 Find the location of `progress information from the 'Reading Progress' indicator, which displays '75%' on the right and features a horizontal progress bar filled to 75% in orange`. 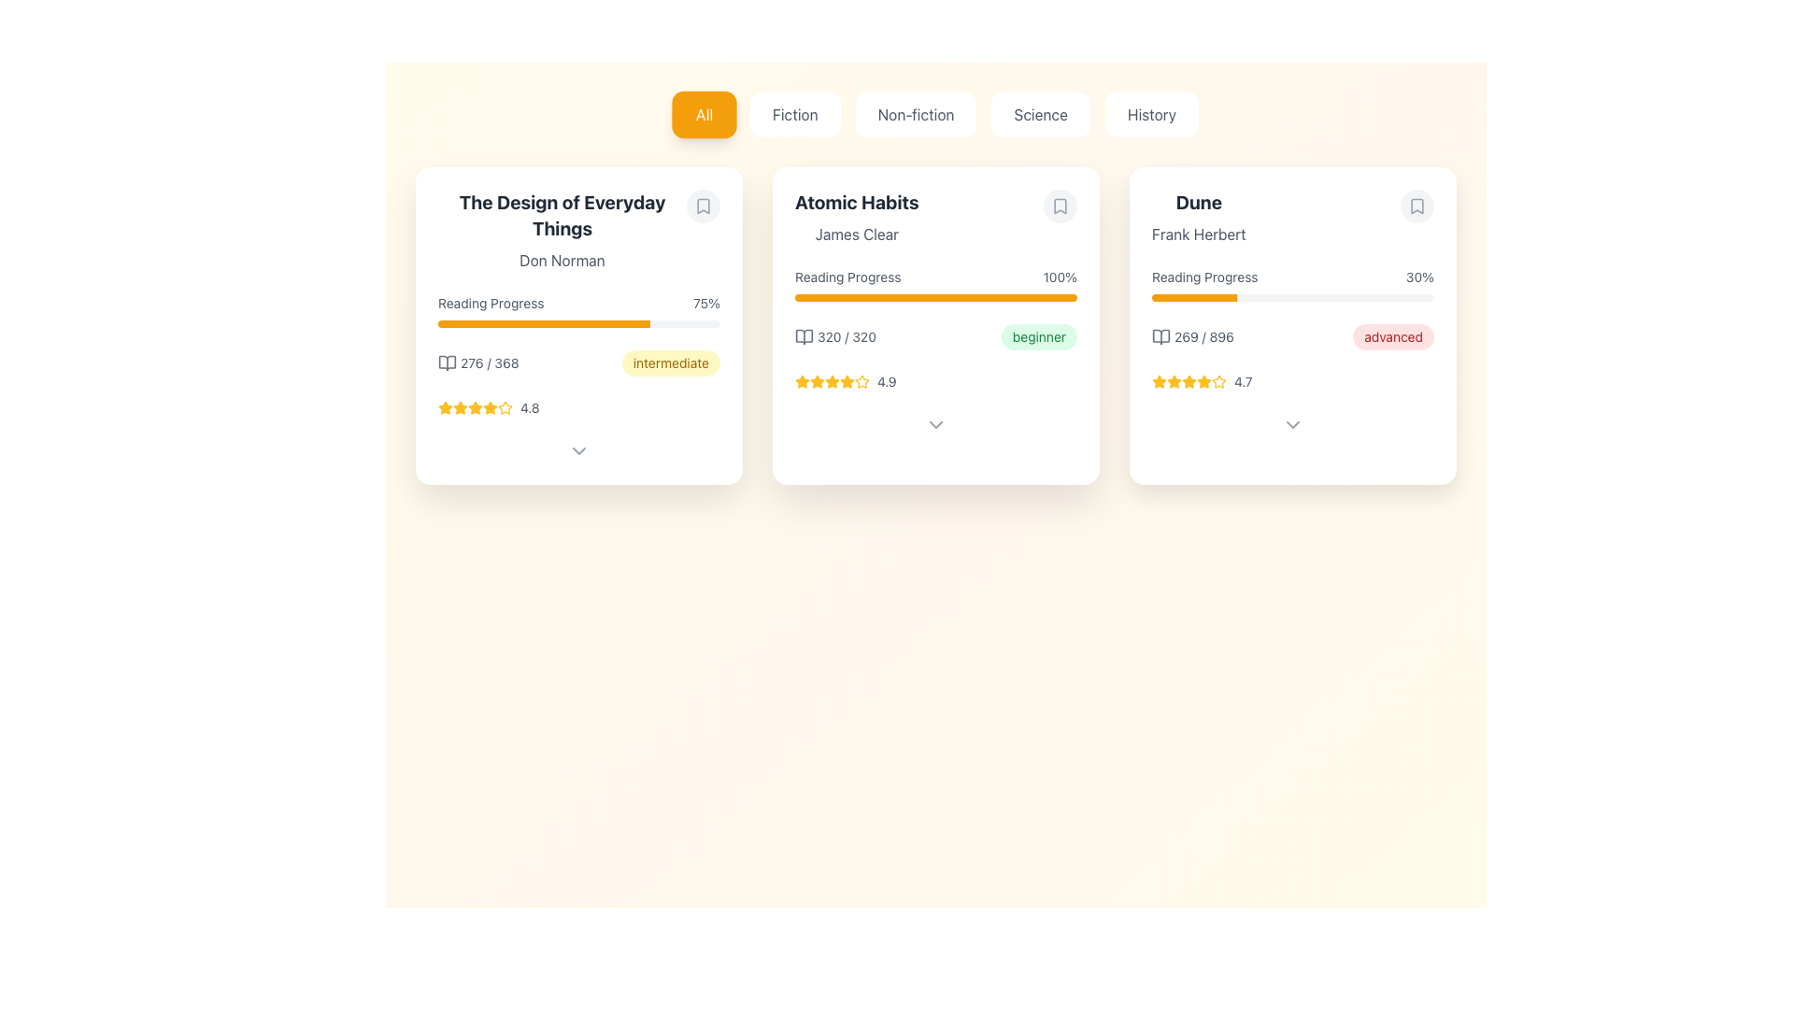

progress information from the 'Reading Progress' indicator, which displays '75%' on the right and features a horizontal progress bar filled to 75% in orange is located at coordinates (577, 309).